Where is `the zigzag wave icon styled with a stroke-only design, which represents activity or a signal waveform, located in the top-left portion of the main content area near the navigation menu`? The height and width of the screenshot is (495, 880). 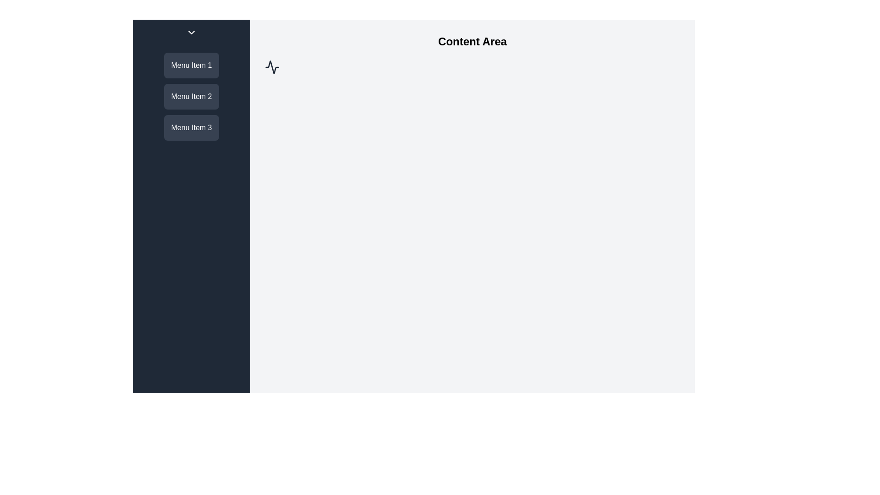
the zigzag wave icon styled with a stroke-only design, which represents activity or a signal waveform, located in the top-left portion of the main content area near the navigation menu is located at coordinates (272, 66).